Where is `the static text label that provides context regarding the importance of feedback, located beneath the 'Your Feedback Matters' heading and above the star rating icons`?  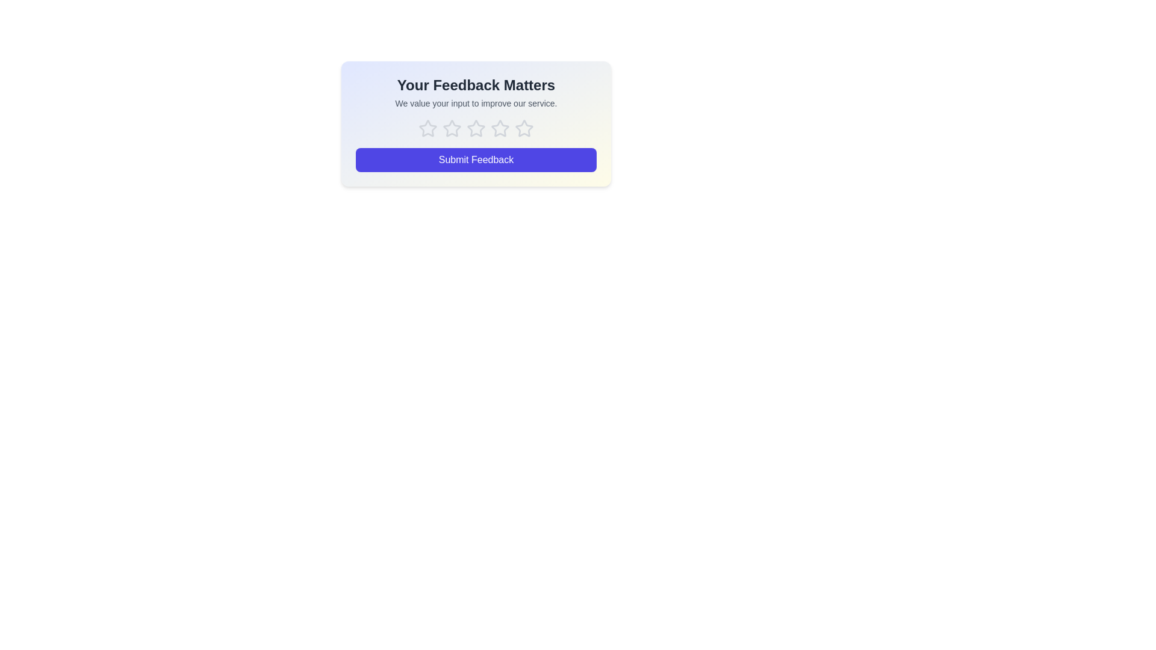
the static text label that provides context regarding the importance of feedback, located beneath the 'Your Feedback Matters' heading and above the star rating icons is located at coordinates (476, 103).